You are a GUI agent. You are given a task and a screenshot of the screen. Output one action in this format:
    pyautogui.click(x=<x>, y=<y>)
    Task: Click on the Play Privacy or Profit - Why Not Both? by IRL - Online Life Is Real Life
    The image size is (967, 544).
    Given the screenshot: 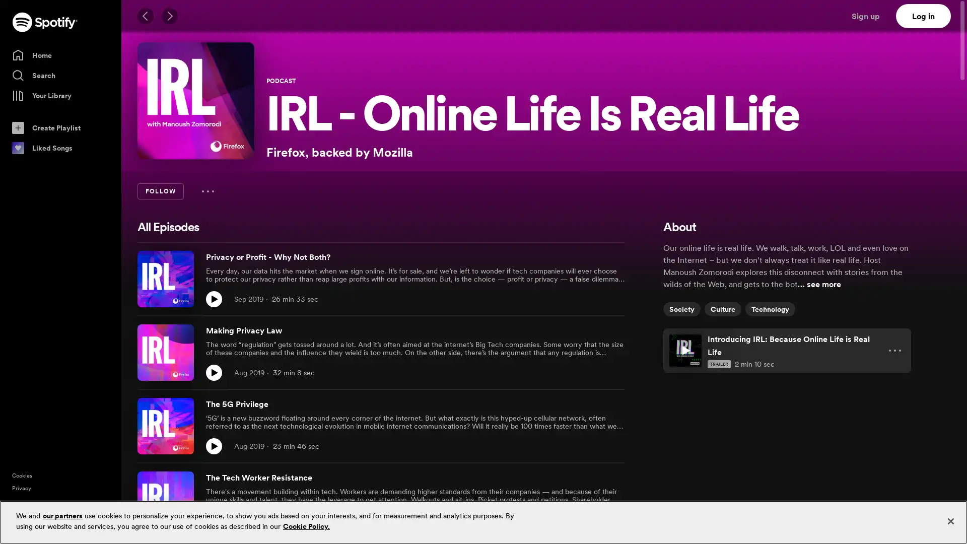 What is the action you would take?
    pyautogui.click(x=214, y=299)
    